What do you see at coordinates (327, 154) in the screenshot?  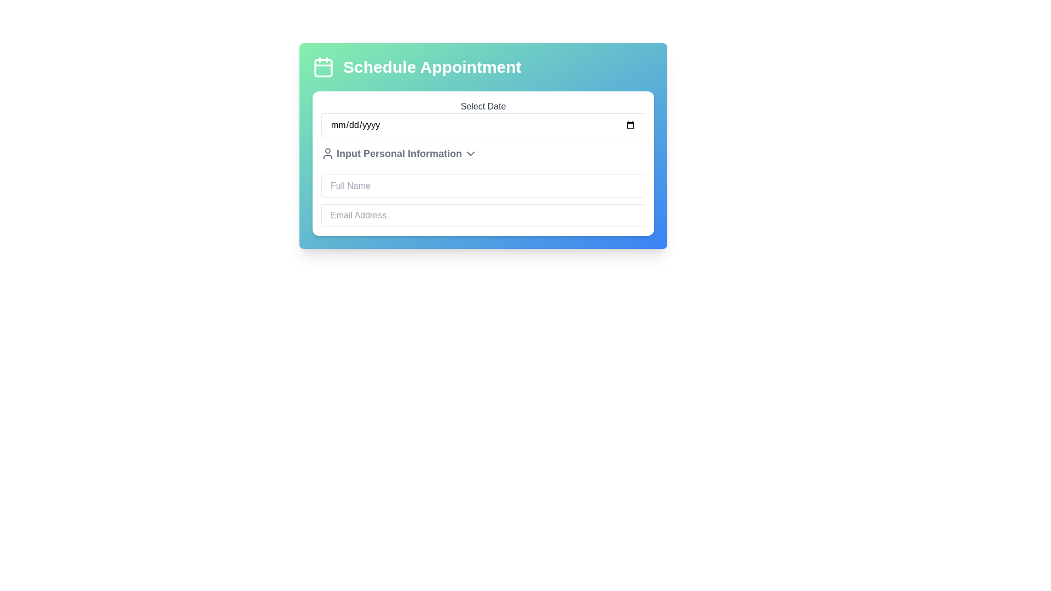 I see `the user-related actions icon located to the left of the 'Input Personal Information' text` at bounding box center [327, 154].